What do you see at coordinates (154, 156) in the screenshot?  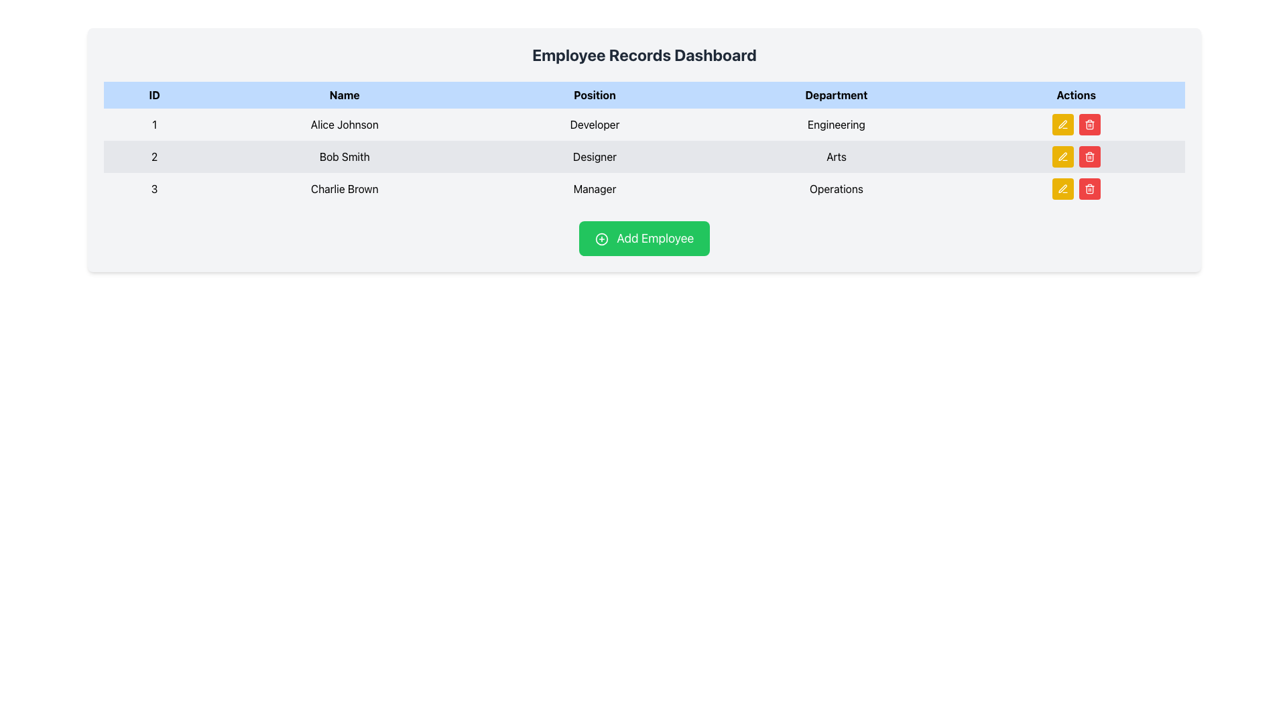 I see `label displaying the number '2' in black text, located in the first column of the second row of the table, aligned with the 'ID' header` at bounding box center [154, 156].